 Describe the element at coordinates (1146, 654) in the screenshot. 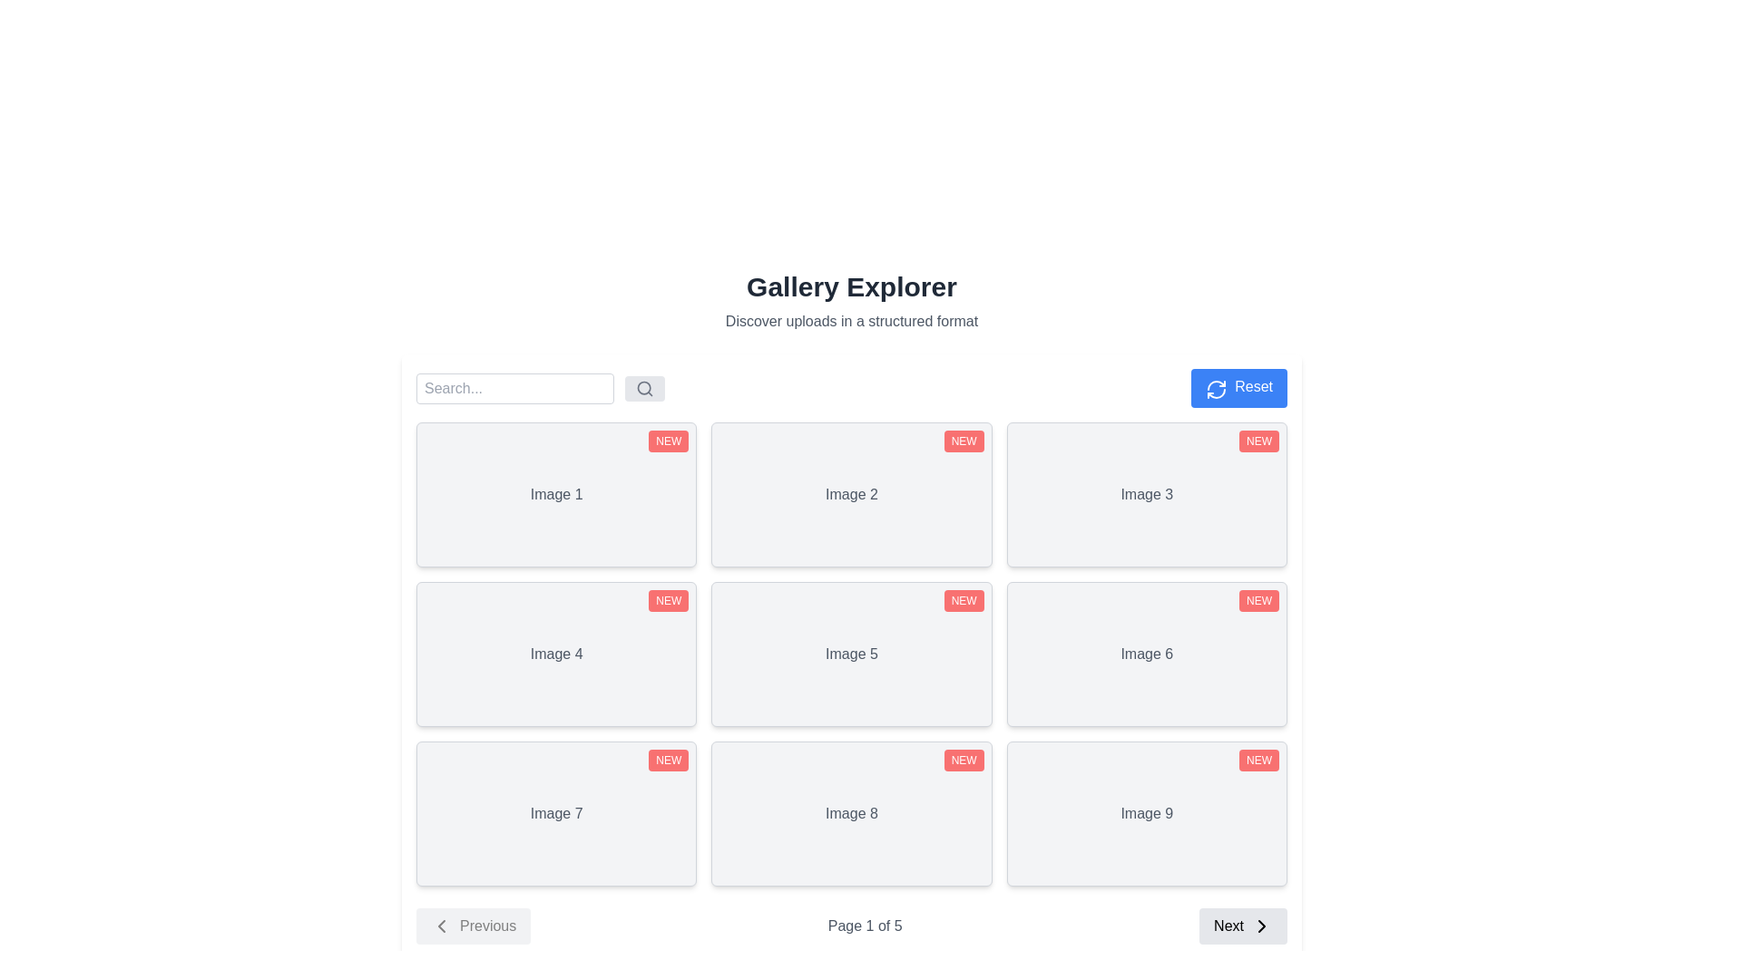

I see `the Card element labeled 'Image 6', which is located in the second row, third column of a 3x3 grid layout` at that location.